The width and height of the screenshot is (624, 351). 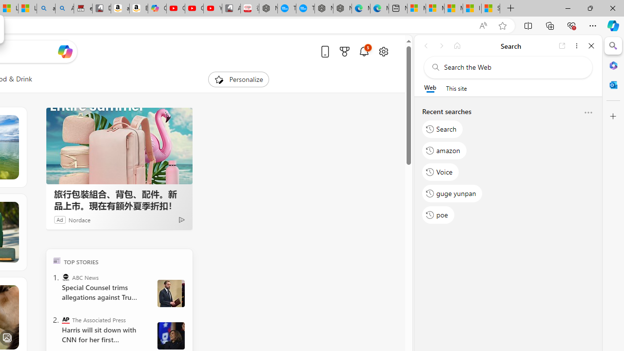 I want to click on 'Copilot', so click(x=156, y=8).